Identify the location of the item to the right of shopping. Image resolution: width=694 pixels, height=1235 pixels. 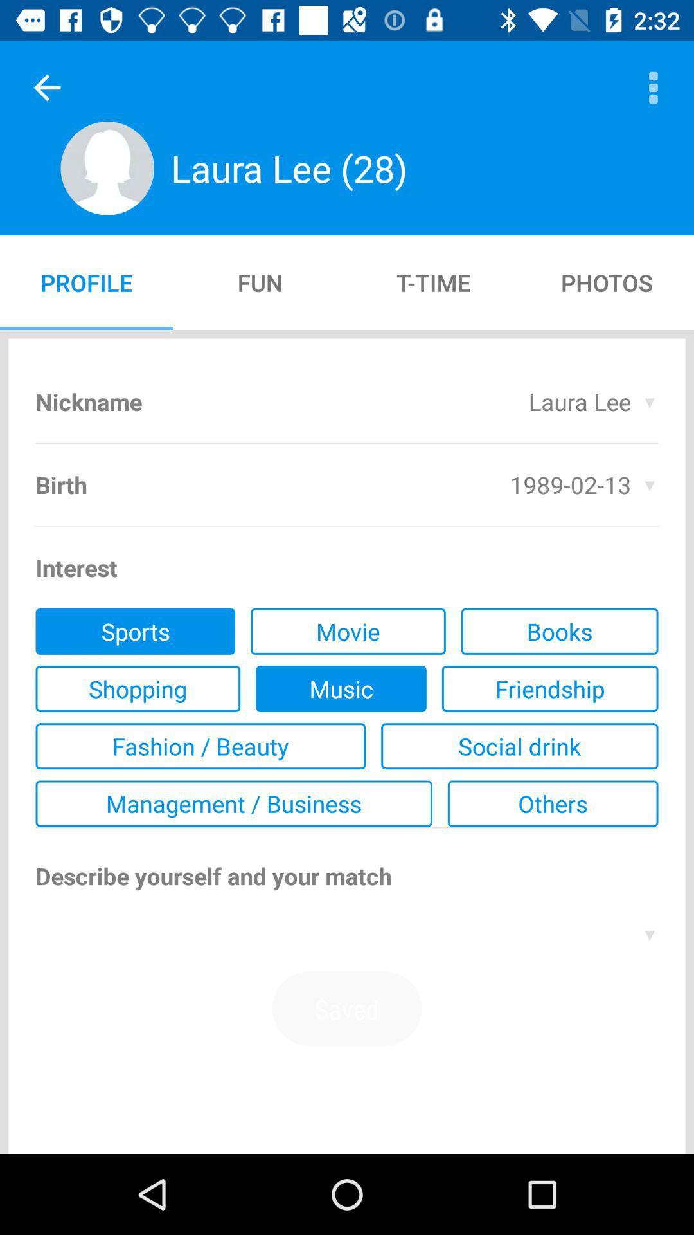
(341, 688).